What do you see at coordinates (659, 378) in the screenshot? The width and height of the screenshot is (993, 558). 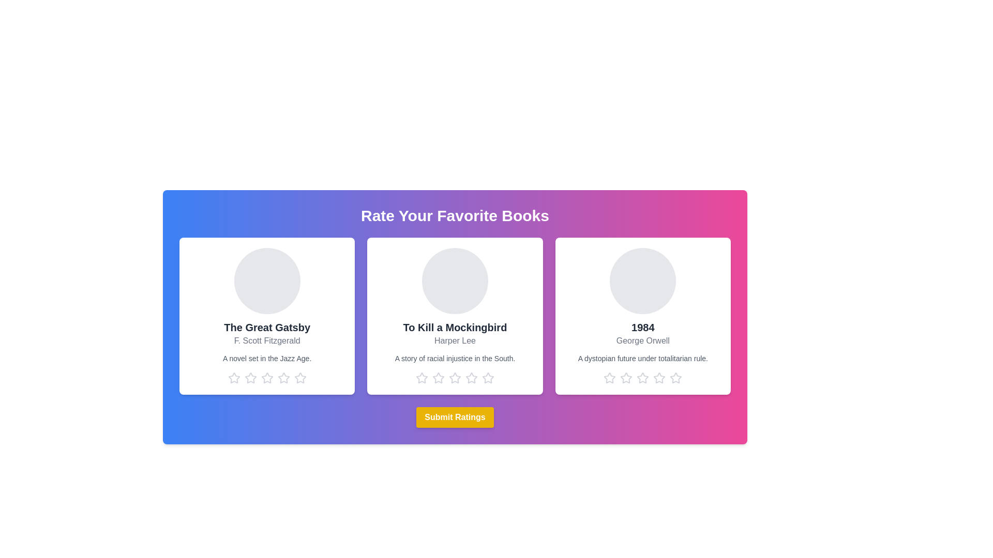 I see `the star corresponding to 4 stars for the book titled 1984` at bounding box center [659, 378].